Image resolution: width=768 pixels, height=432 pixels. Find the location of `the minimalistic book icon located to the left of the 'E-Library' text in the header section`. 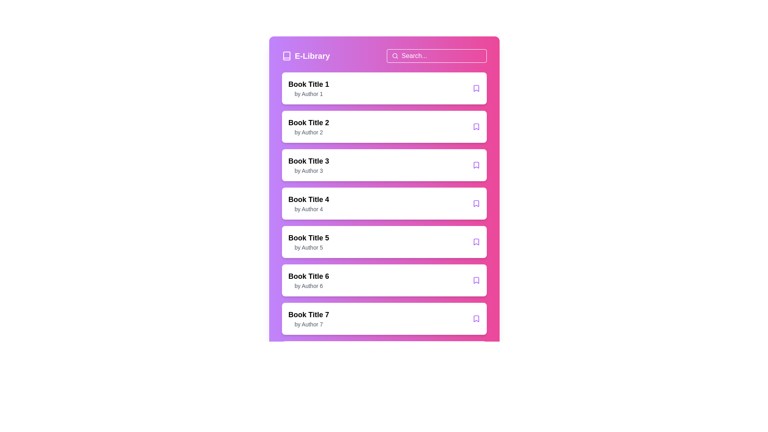

the minimalistic book icon located to the left of the 'E-Library' text in the header section is located at coordinates (286, 55).